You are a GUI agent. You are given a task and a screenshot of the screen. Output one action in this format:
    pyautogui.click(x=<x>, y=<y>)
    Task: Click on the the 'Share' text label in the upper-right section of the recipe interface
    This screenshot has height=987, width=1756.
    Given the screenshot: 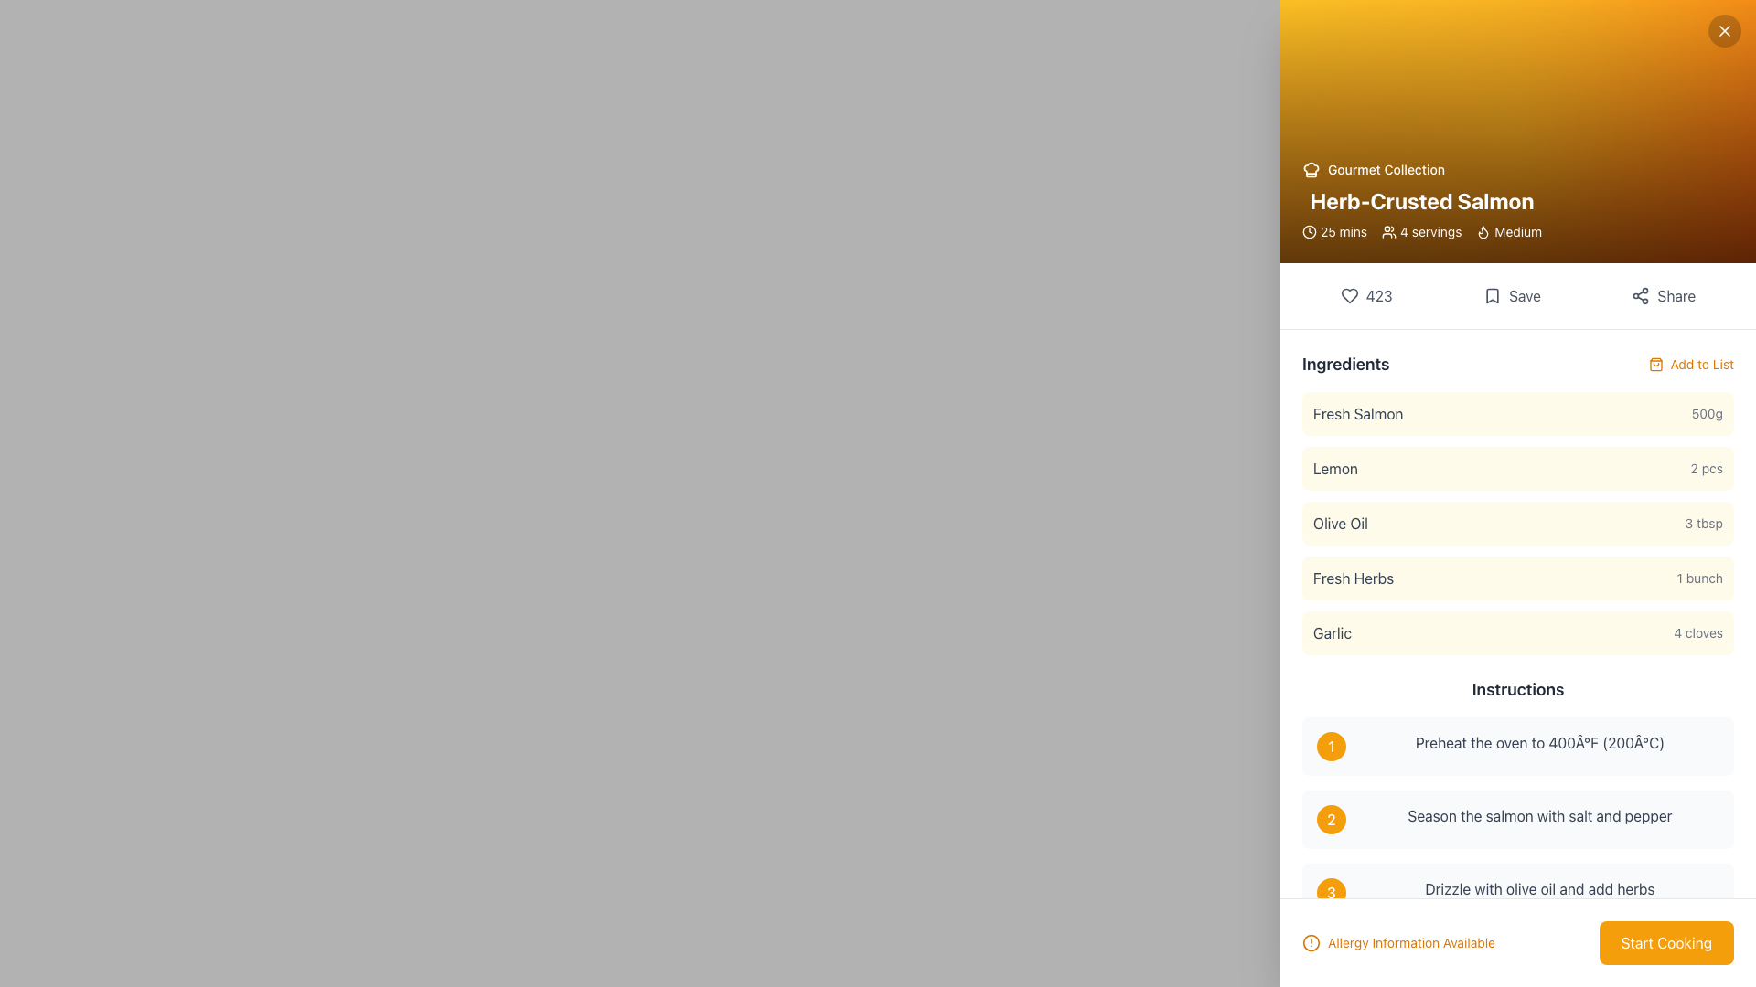 What is the action you would take?
    pyautogui.click(x=1676, y=295)
    